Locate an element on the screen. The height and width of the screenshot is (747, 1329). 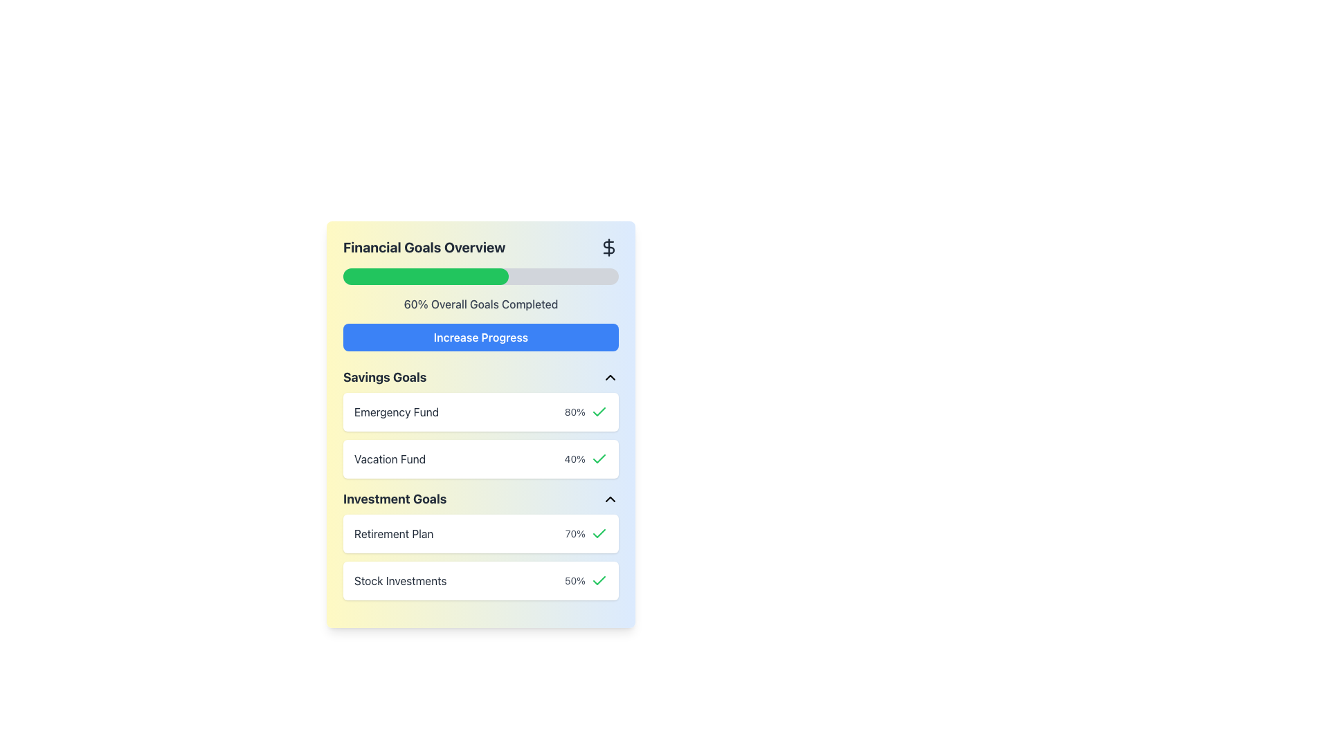
the List Item Group displaying 'Retirement Plan' and 'Stock Investments' blocks, which are styled with a white background and rounded corners is located at coordinates (481, 557).